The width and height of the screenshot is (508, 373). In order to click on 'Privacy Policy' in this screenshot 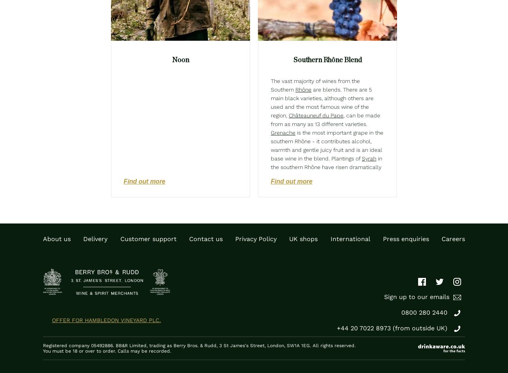, I will do `click(255, 239)`.